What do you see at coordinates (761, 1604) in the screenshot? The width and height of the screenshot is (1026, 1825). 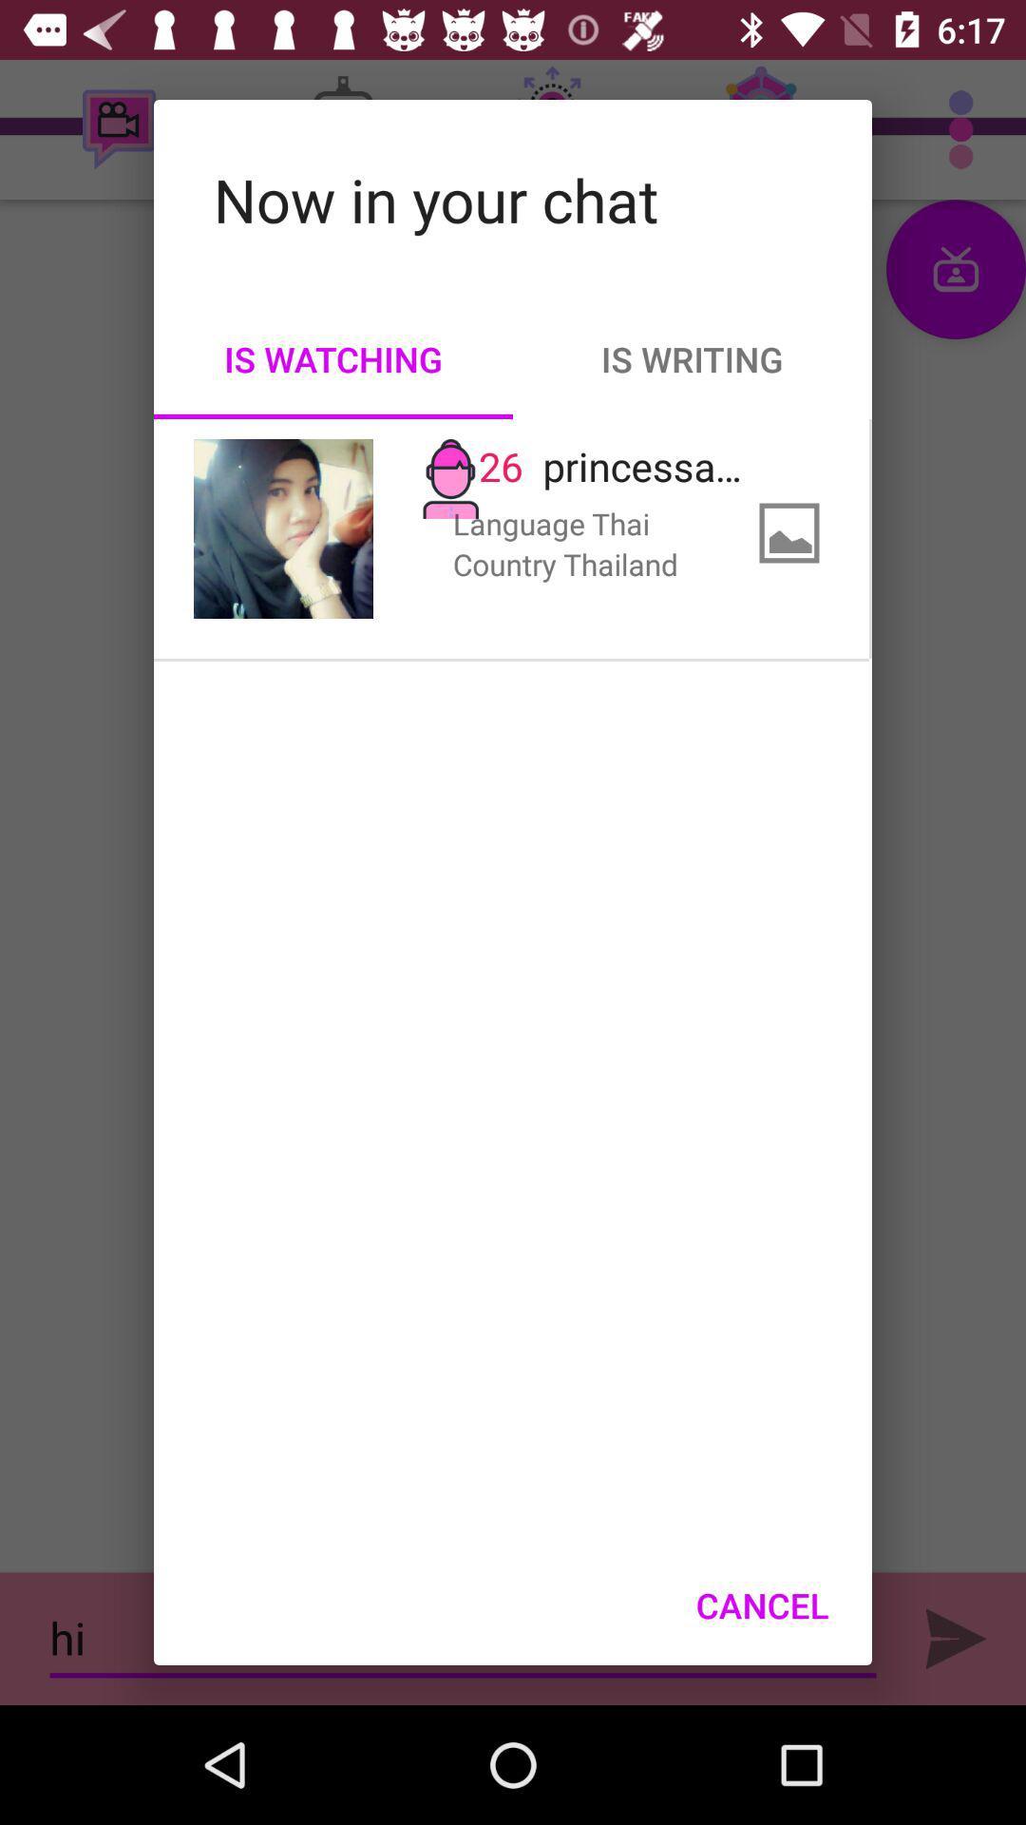 I see `the icon below country thailand item` at bounding box center [761, 1604].